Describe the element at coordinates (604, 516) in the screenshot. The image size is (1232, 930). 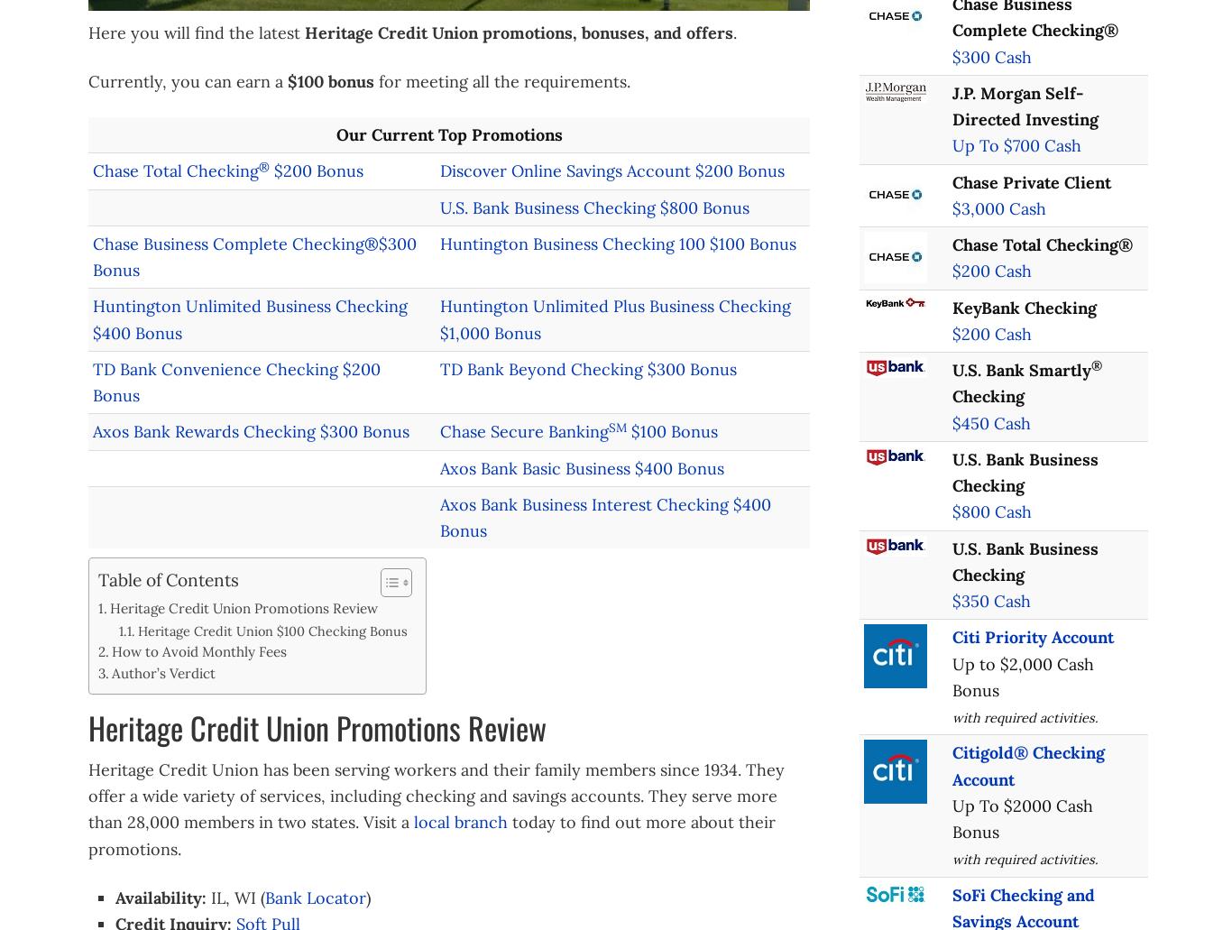
I see `'Axos Bank Business Interest Checking $400 Bonus'` at that location.